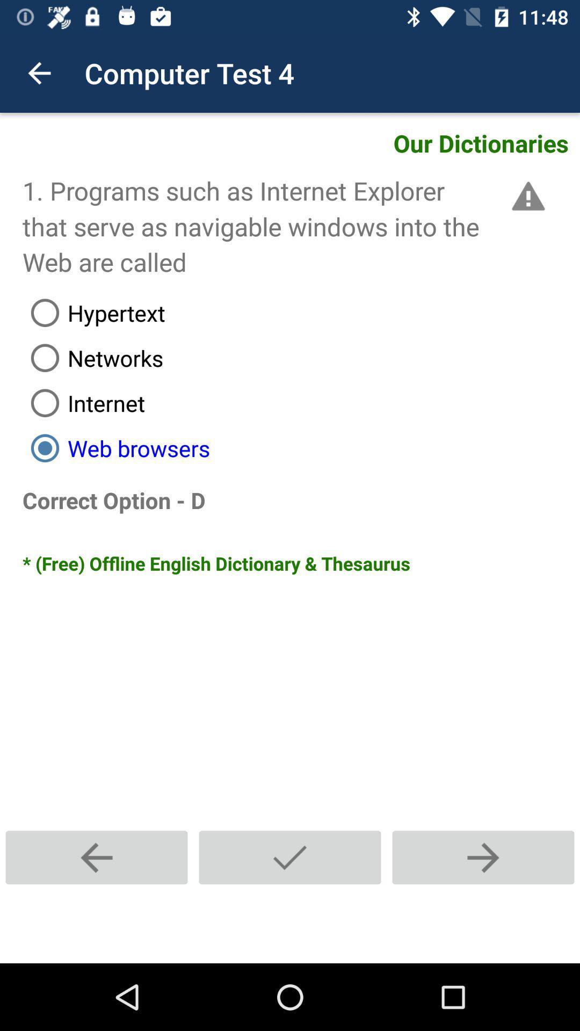  I want to click on go back, so click(97, 857).